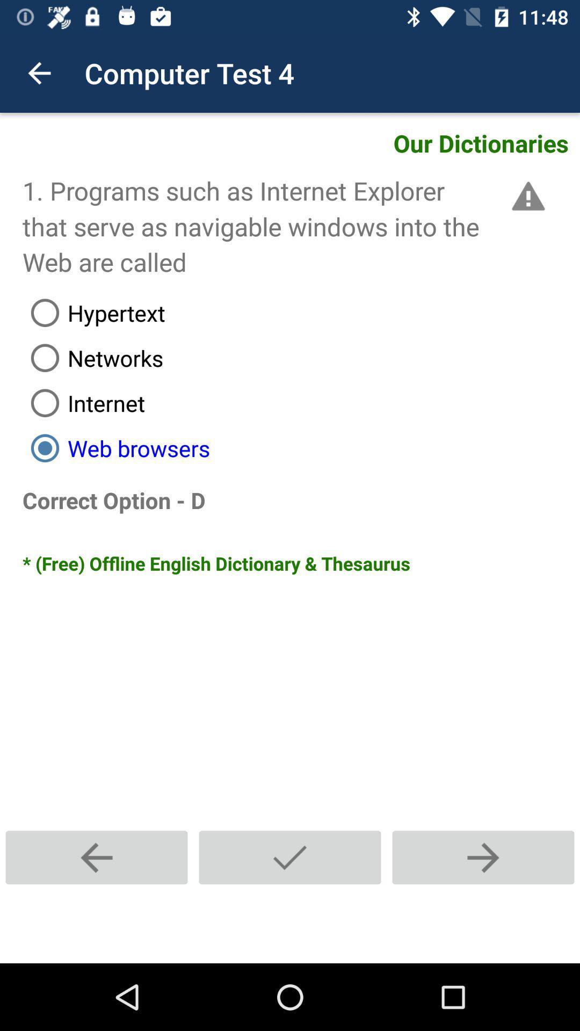  I want to click on go back, so click(97, 857).